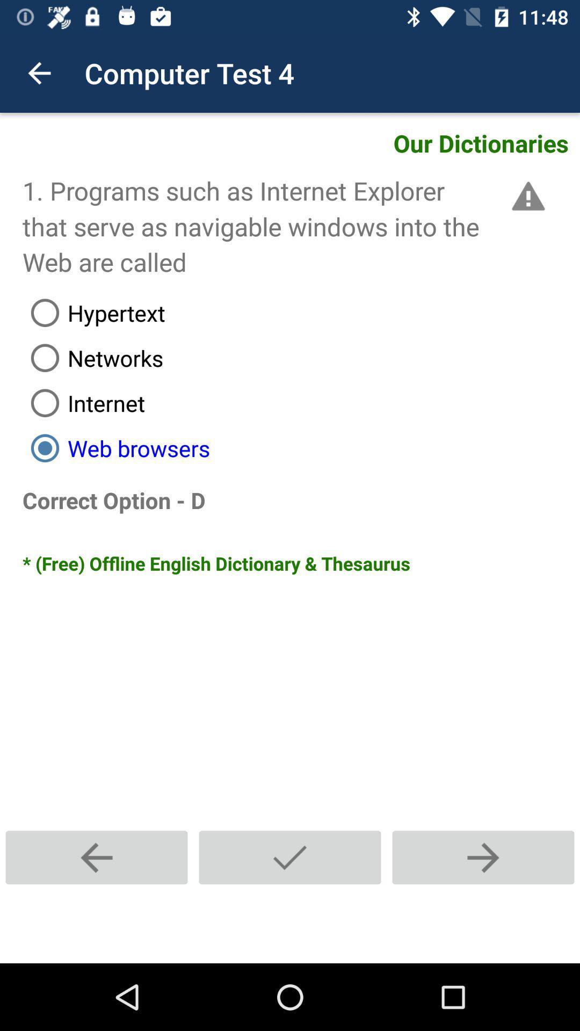  I want to click on go back, so click(97, 857).